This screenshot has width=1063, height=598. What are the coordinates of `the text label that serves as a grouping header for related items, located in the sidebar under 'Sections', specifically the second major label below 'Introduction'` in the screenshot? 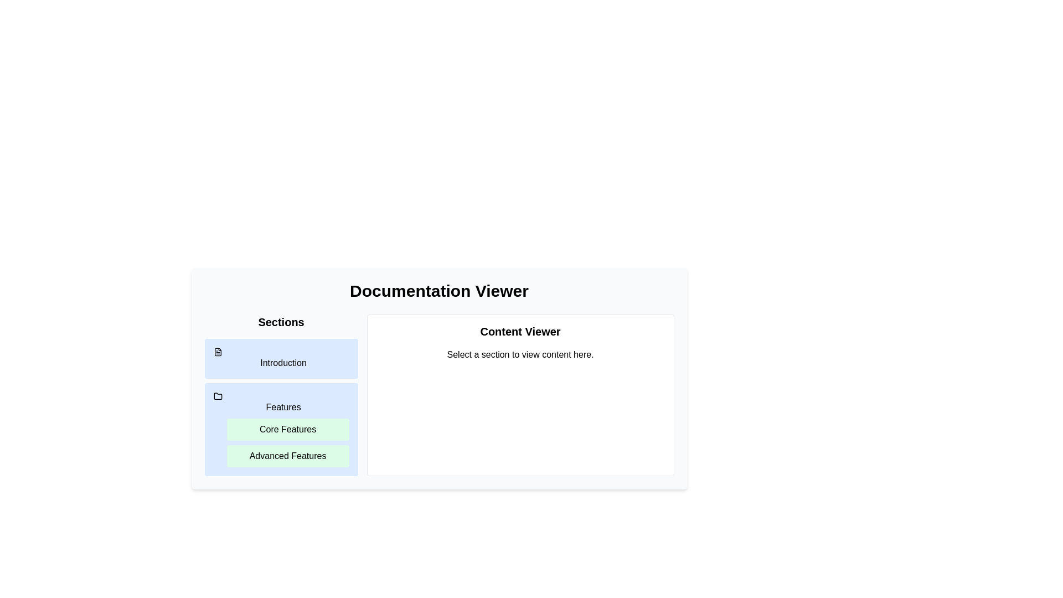 It's located at (283, 407).